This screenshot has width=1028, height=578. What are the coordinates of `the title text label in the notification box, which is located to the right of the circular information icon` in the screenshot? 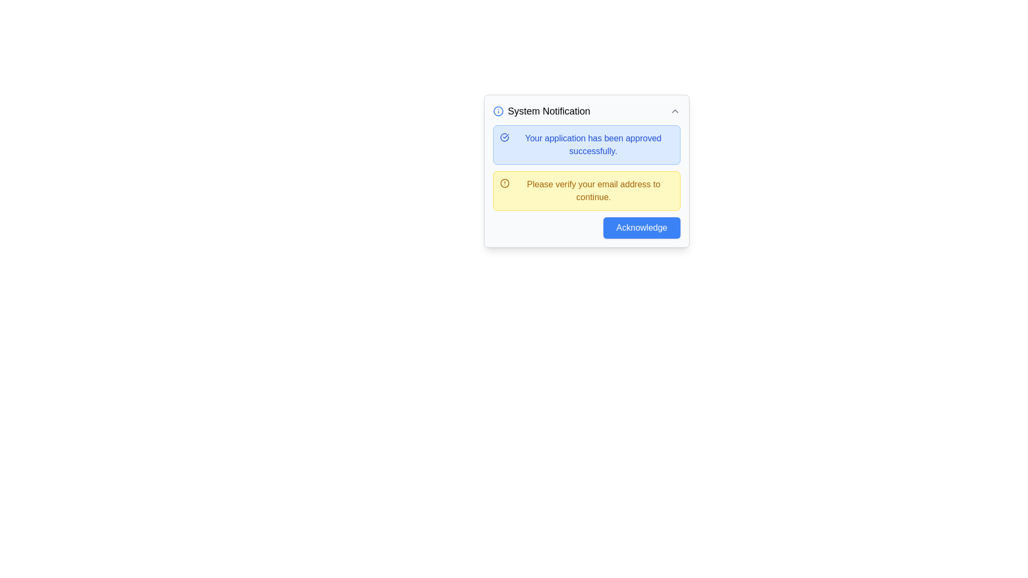 It's located at (549, 111).